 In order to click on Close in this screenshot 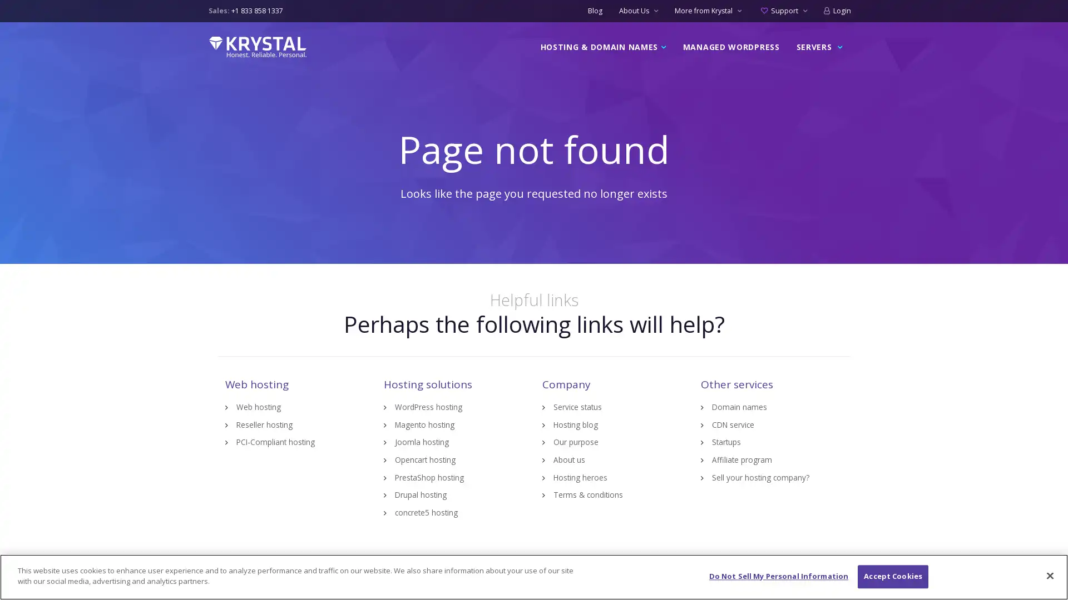, I will do `click(1049, 575)`.